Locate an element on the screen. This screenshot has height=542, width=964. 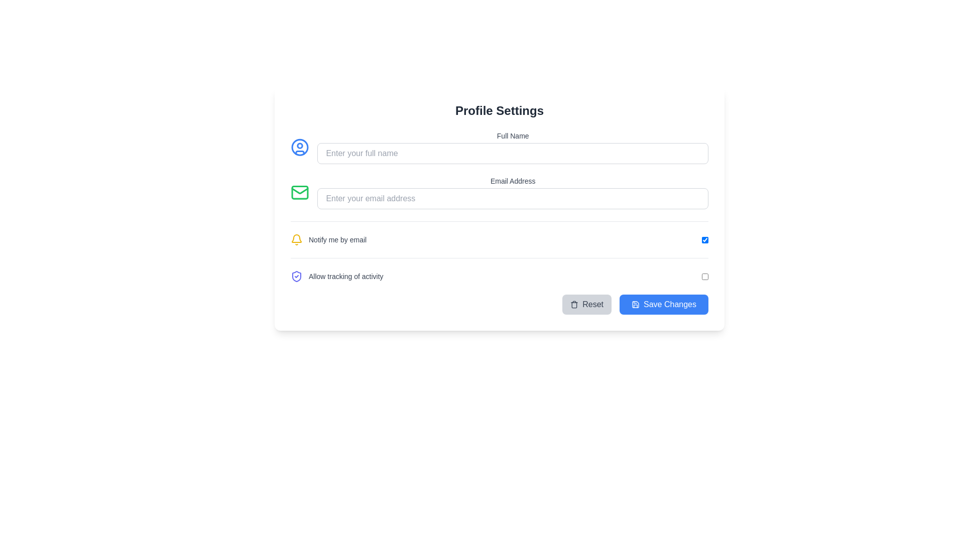
the input field for email address entry, which is visually identified by its light gray border and rounded corners, by using the tab key for keyboard navigation is located at coordinates (513, 199).